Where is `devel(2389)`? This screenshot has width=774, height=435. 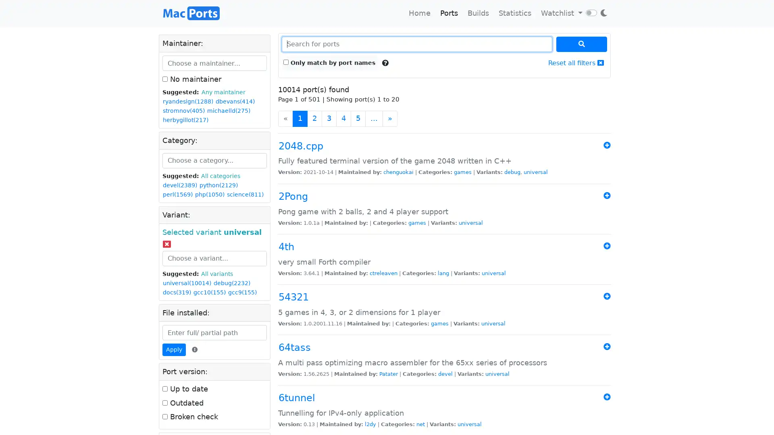
devel(2389) is located at coordinates (179, 185).